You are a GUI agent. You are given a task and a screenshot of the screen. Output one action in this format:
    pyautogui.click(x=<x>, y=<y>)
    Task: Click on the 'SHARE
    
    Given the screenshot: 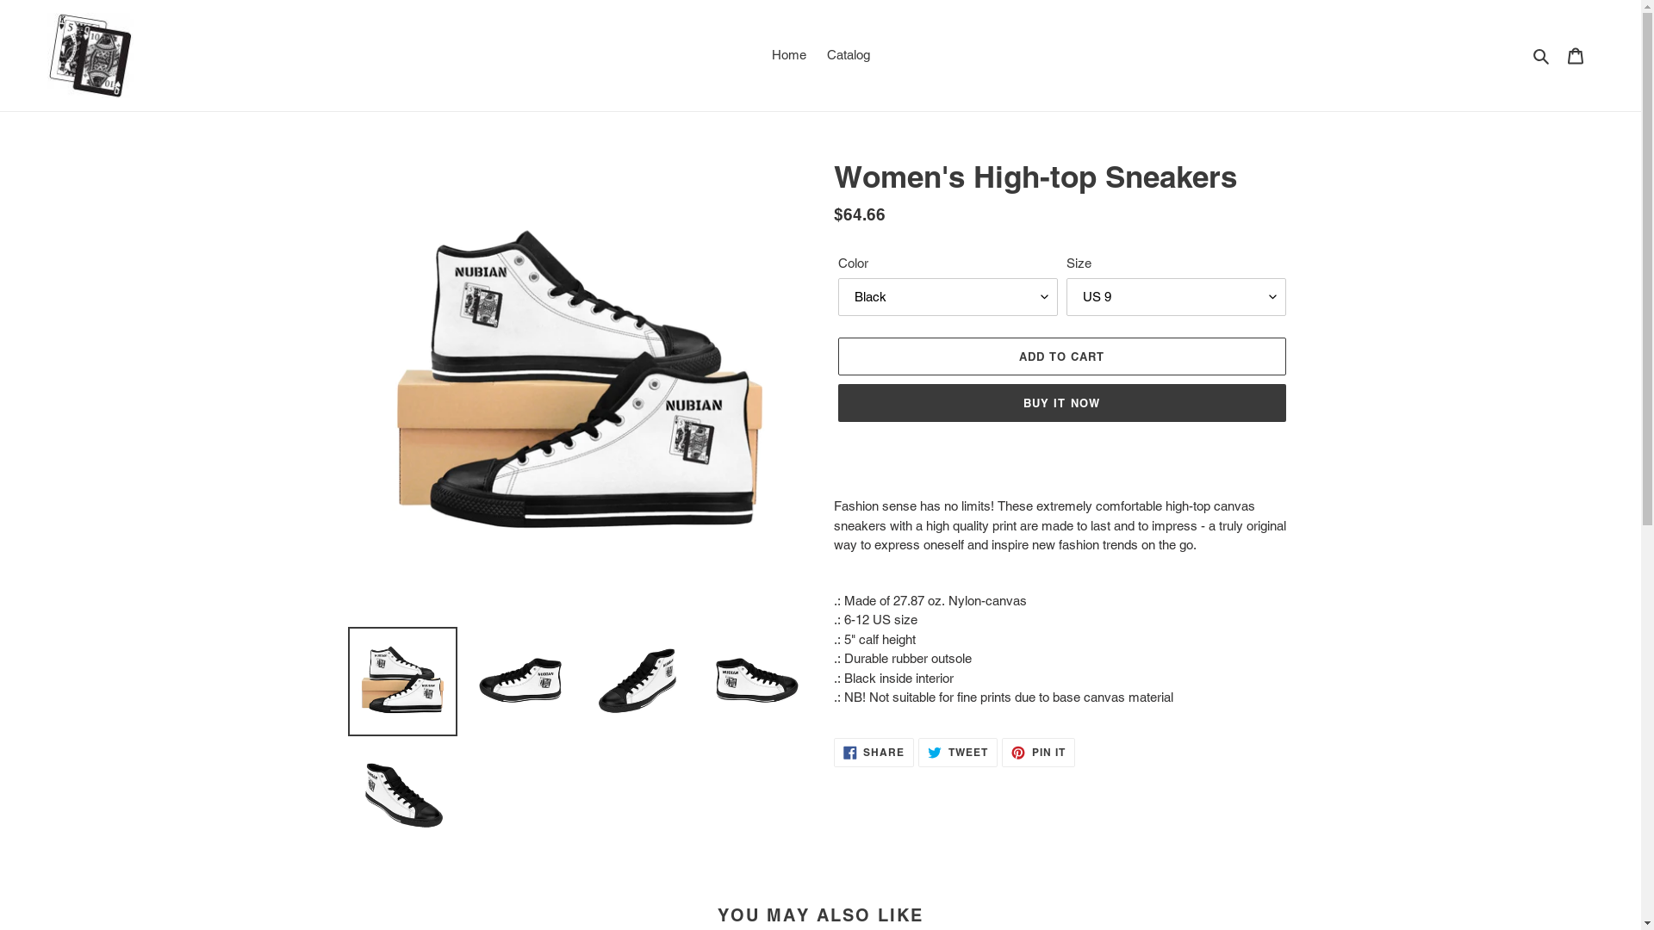 What is the action you would take?
    pyautogui.click(x=834, y=752)
    